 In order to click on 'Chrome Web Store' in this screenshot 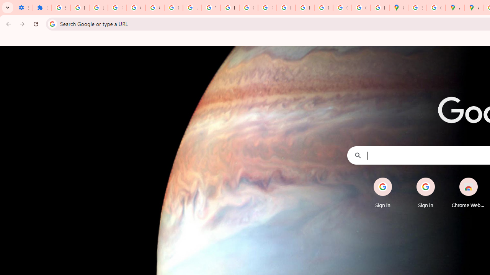, I will do `click(468, 192)`.